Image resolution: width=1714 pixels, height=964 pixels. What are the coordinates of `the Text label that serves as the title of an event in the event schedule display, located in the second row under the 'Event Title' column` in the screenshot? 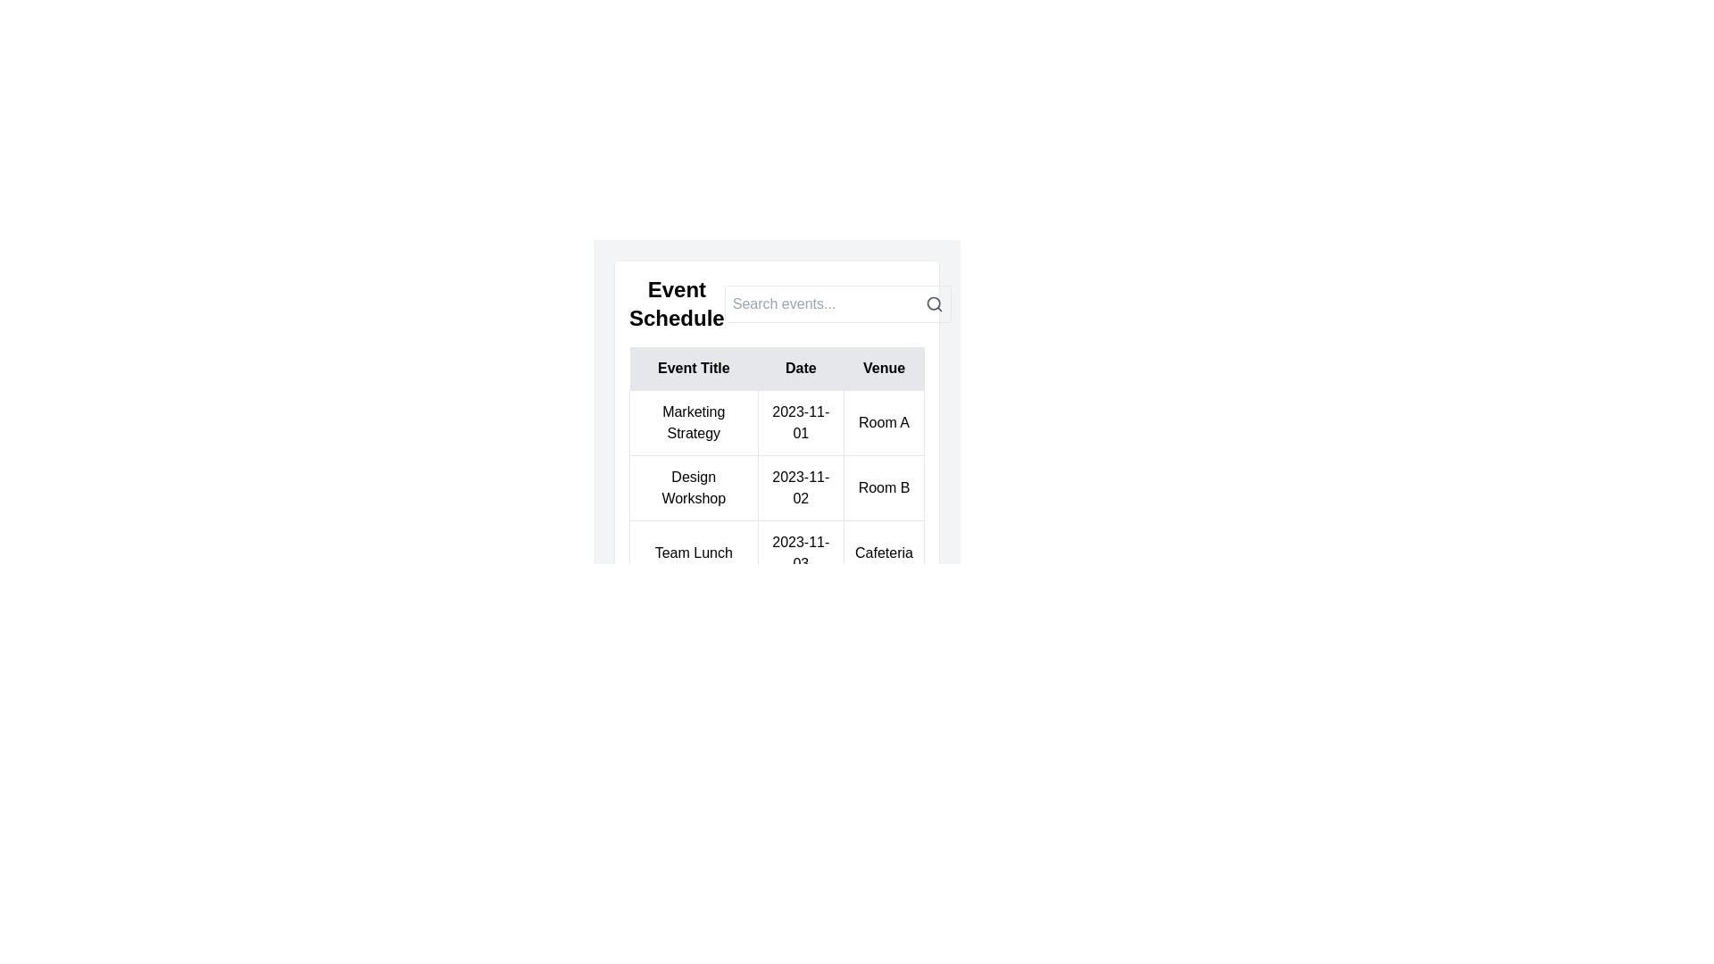 It's located at (693, 488).